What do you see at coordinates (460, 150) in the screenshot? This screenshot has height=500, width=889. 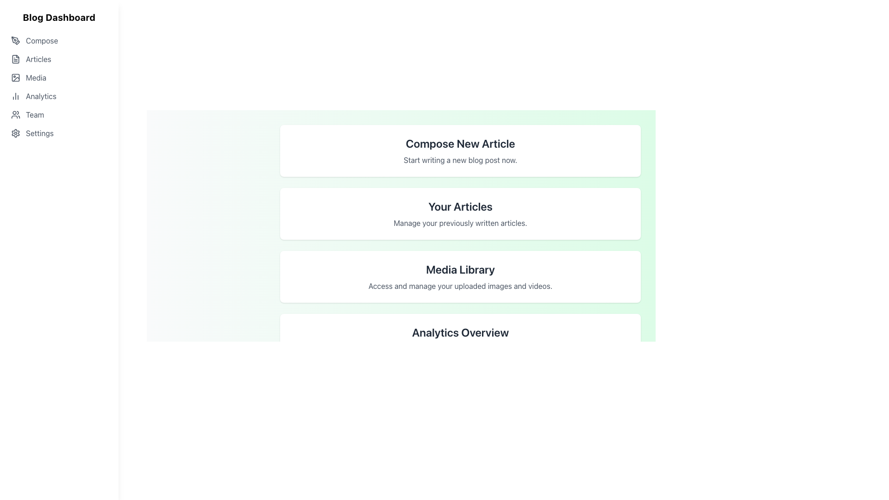 I see `the Card element that initiates the creation of a new blog post, located at the top of the list above 'Your Articles'` at bounding box center [460, 150].